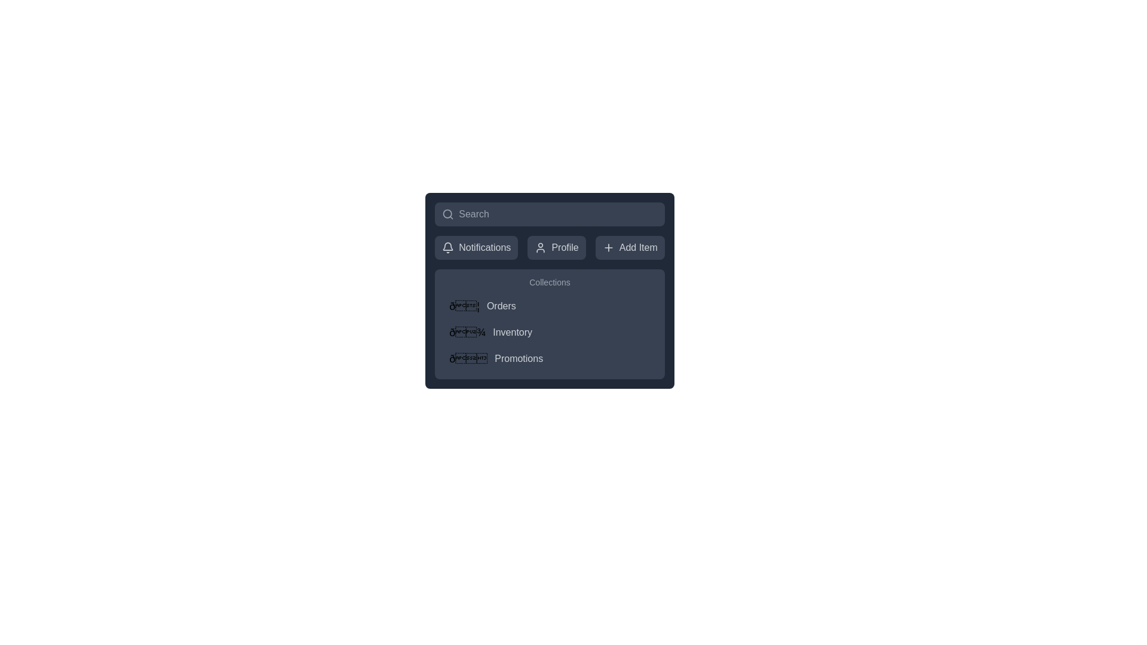  I want to click on the second menu item under the 'Collections' section, which is related to 'Inventory', so click(549, 332).